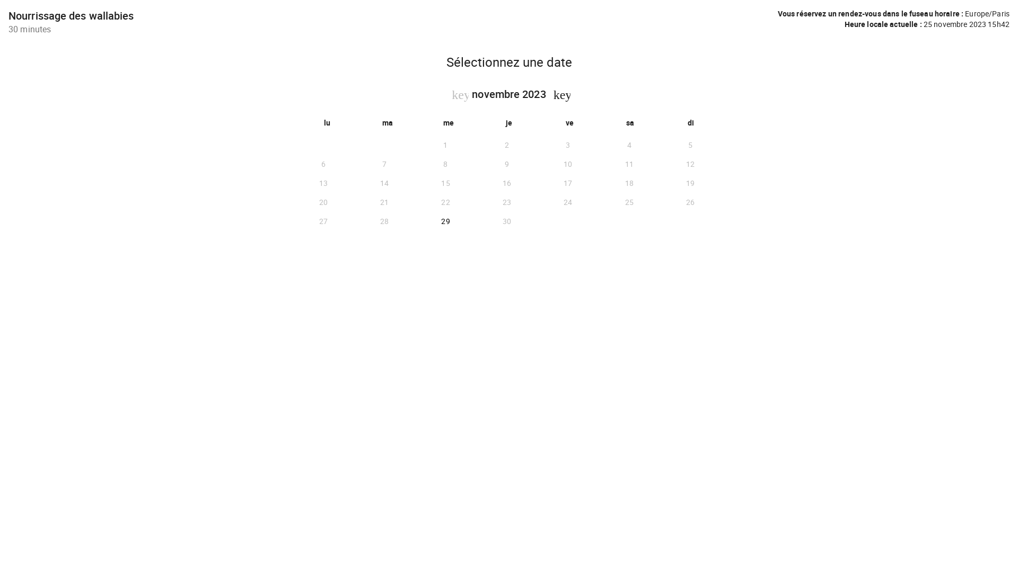 The height and width of the screenshot is (572, 1018). I want to click on '23', so click(506, 202).